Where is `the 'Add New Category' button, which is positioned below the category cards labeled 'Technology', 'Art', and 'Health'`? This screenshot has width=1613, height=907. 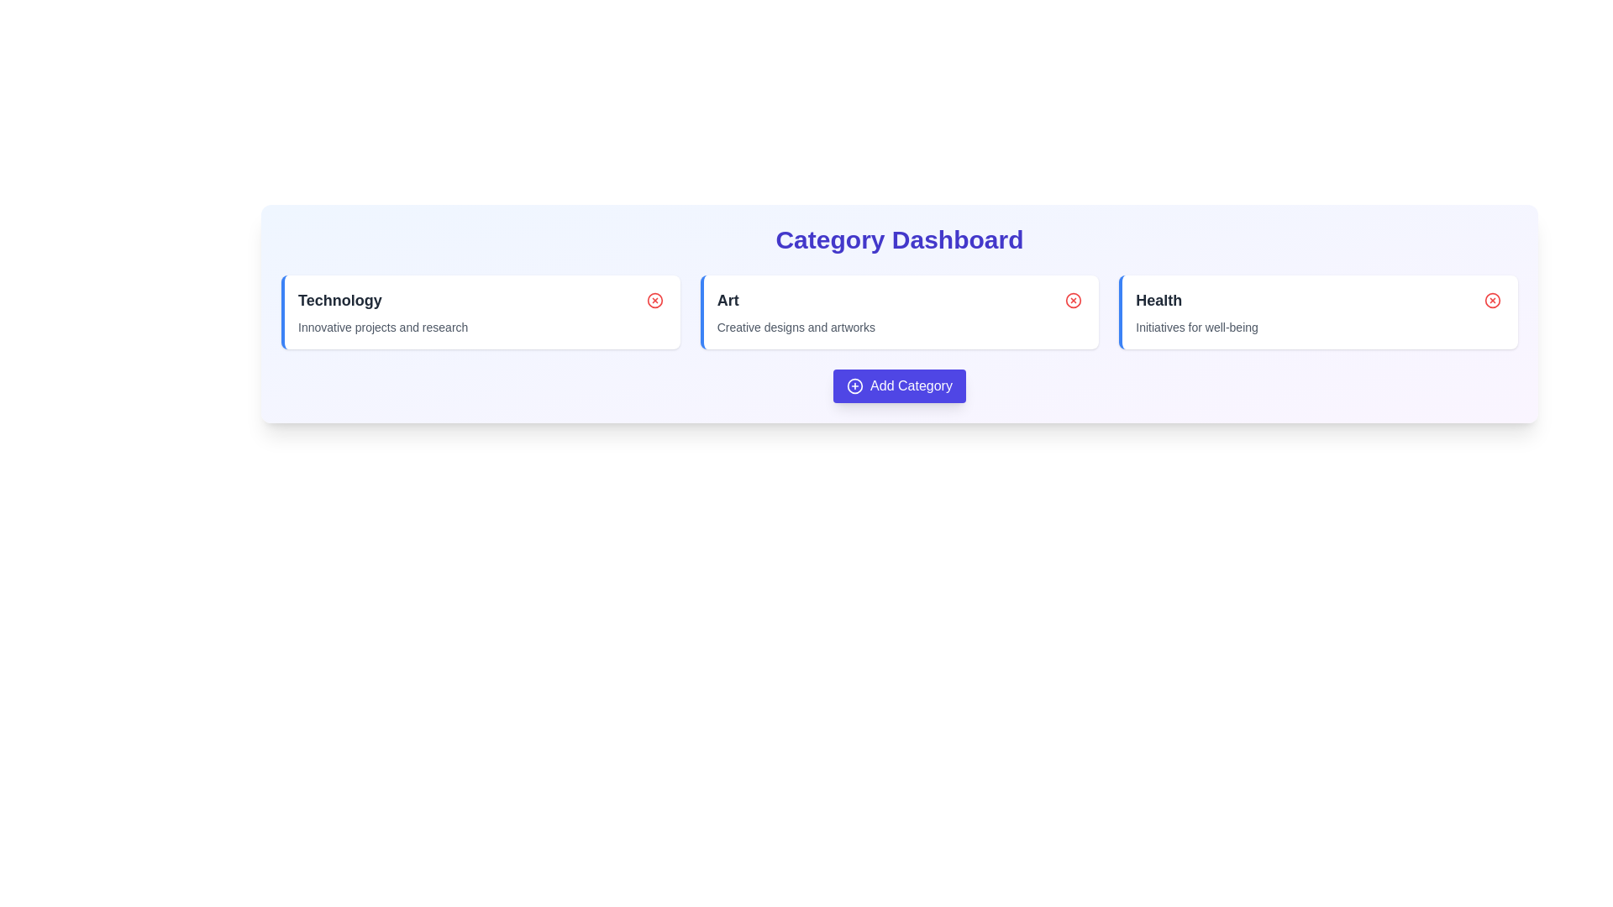 the 'Add New Category' button, which is positioned below the category cards labeled 'Technology', 'Art', and 'Health' is located at coordinates (898, 385).